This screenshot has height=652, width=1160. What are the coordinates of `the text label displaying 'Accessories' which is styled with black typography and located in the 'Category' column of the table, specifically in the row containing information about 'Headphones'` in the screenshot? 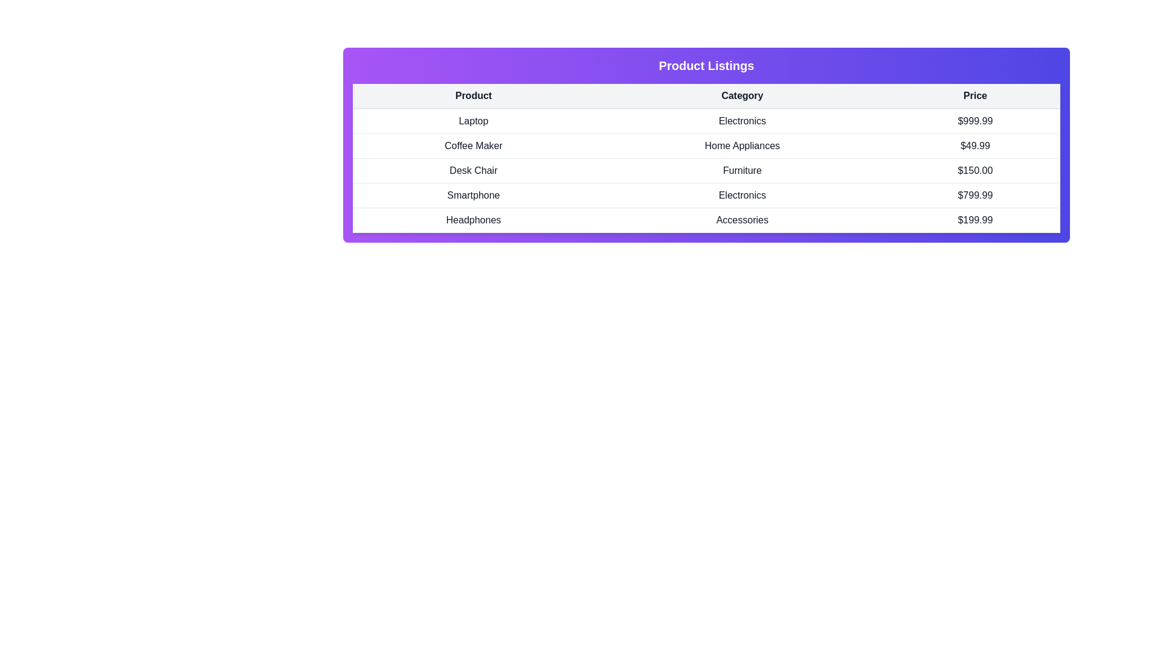 It's located at (741, 220).